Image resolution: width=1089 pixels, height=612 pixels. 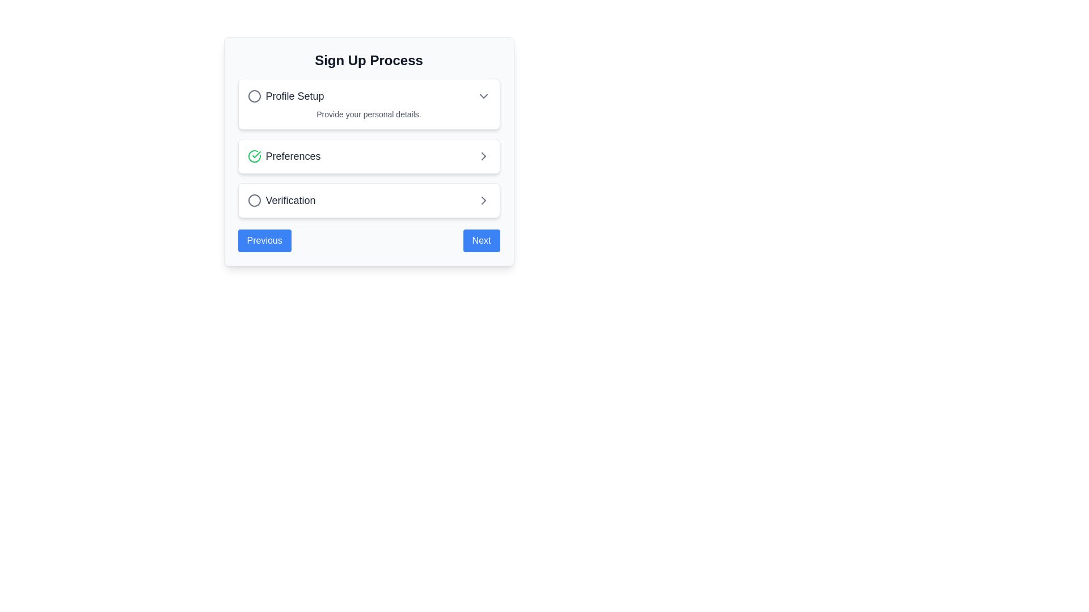 I want to click on the 'Preferences' navigation item, the second selectable item in the list, to interact with it, so click(x=369, y=156).